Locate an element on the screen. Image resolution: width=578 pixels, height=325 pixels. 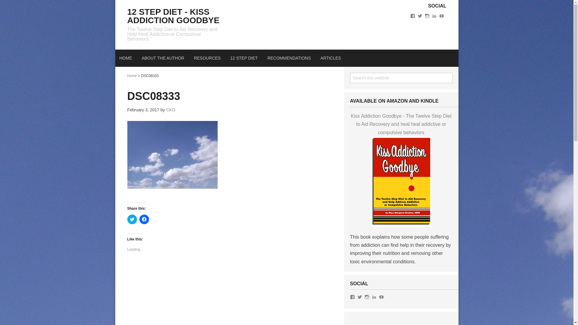
'ABOUT THE AUTHOR' is located at coordinates (163, 58).